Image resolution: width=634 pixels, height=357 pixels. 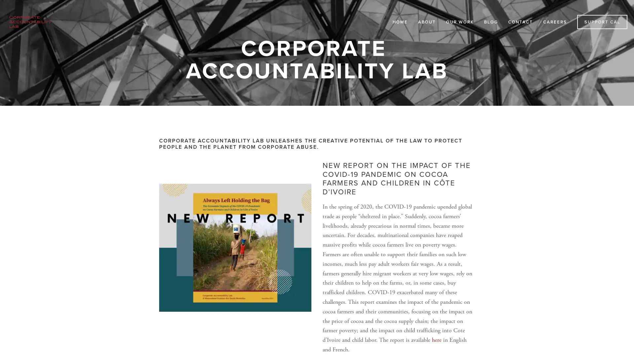 What do you see at coordinates (411, 105) in the screenshot?
I see `Close` at bounding box center [411, 105].